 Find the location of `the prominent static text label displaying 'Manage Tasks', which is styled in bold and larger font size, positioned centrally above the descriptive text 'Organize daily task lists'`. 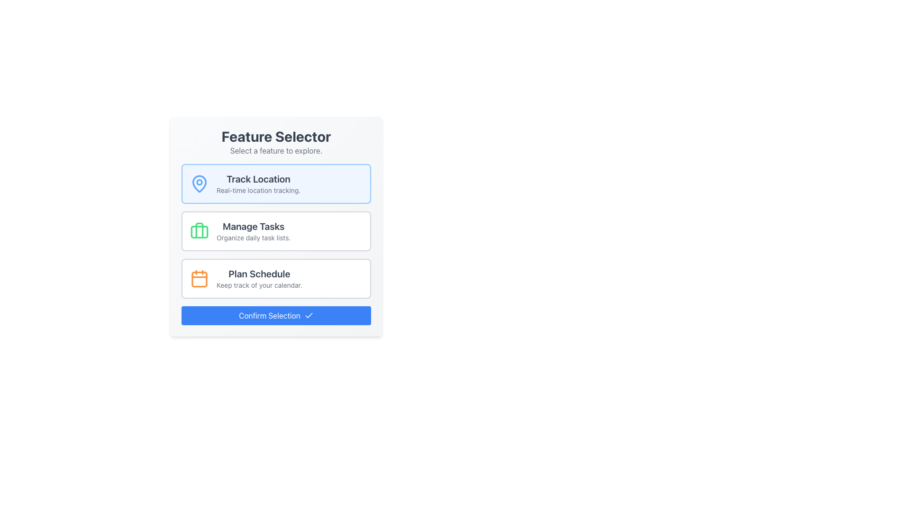

the prominent static text label displaying 'Manage Tasks', which is styled in bold and larger font size, positioned centrally above the descriptive text 'Organize daily task lists' is located at coordinates (254, 227).